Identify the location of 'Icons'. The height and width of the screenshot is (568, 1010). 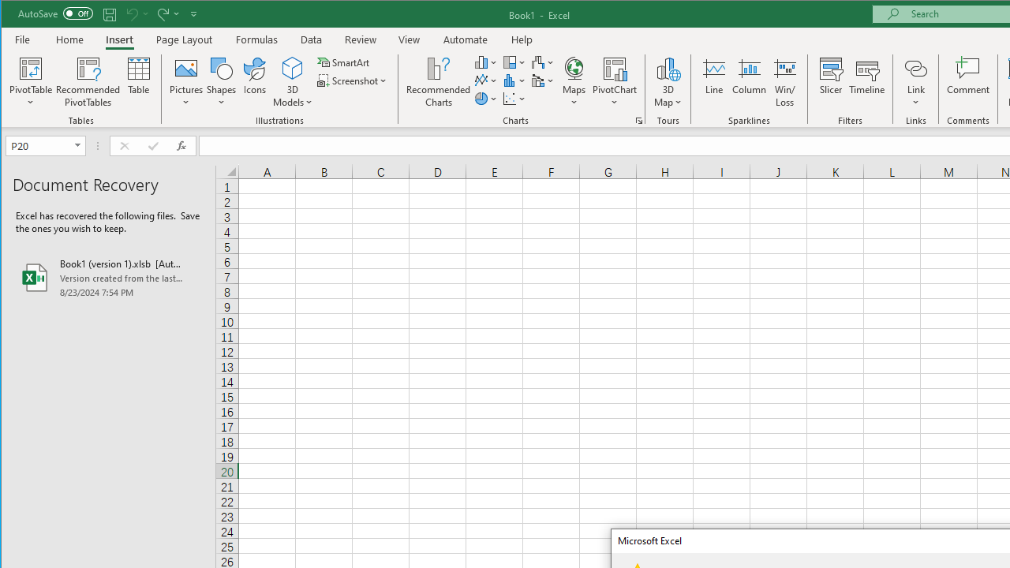
(255, 82).